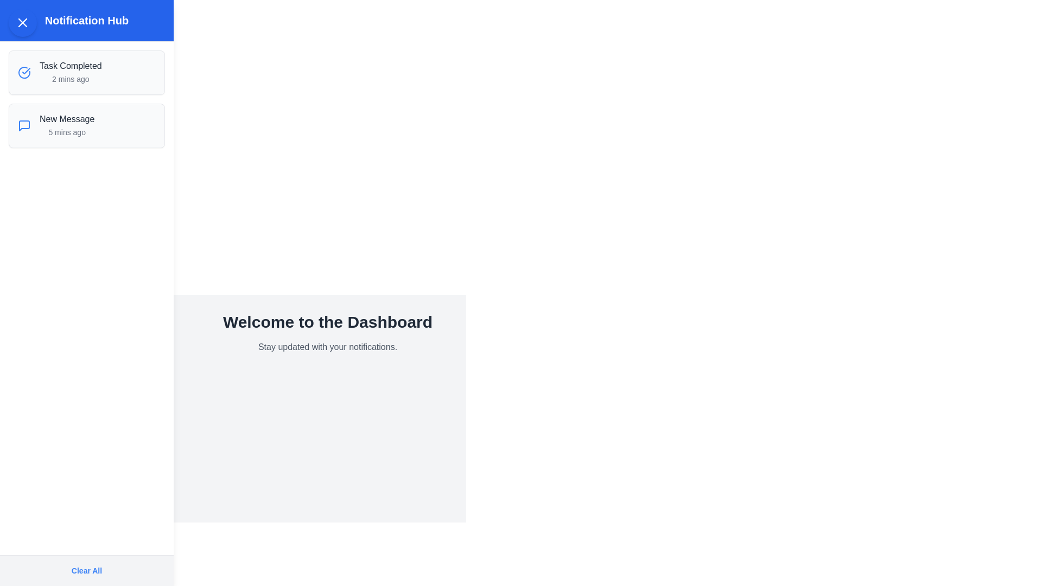 This screenshot has height=586, width=1042. Describe the element at coordinates (23, 23) in the screenshot. I see `the Close button located in the top-left corner of the blue header of the 'Notification Hub'` at that location.